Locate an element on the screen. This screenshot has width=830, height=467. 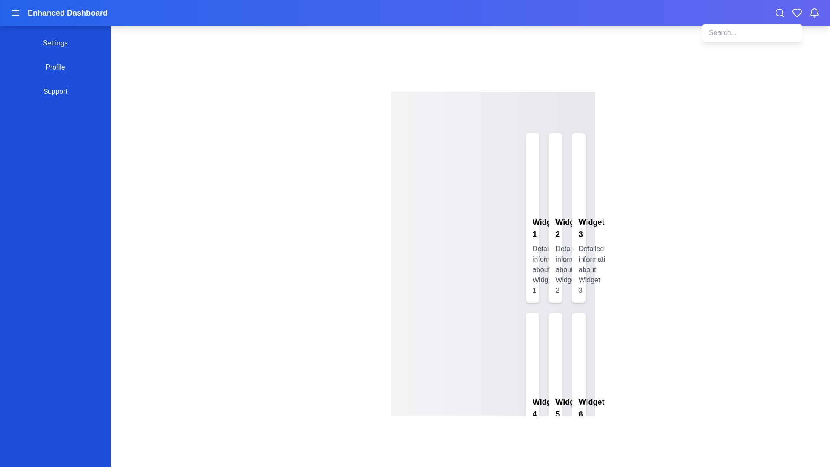
the widget displaying the title 'Widget 2', which is located in the second column of the first row of a grid layout, and features a white background with rounded corners and a subtle shadow effect is located at coordinates (555, 218).